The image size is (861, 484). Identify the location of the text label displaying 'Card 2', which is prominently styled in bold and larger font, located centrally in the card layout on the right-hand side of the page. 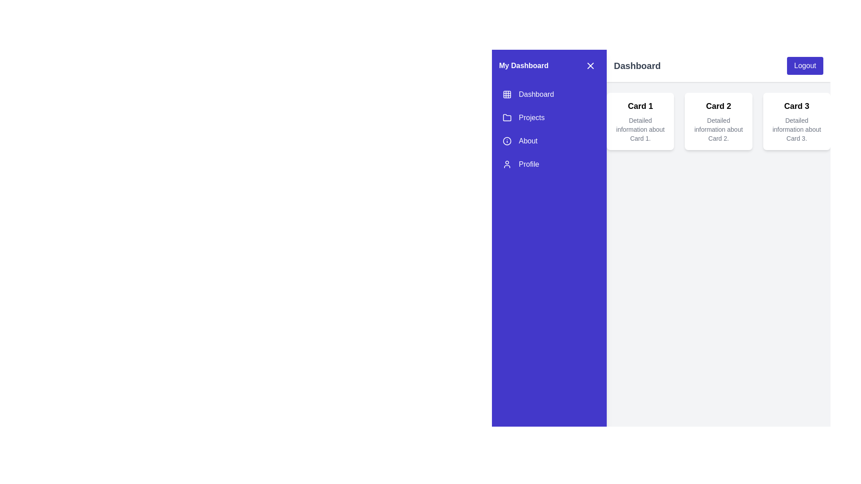
(718, 105).